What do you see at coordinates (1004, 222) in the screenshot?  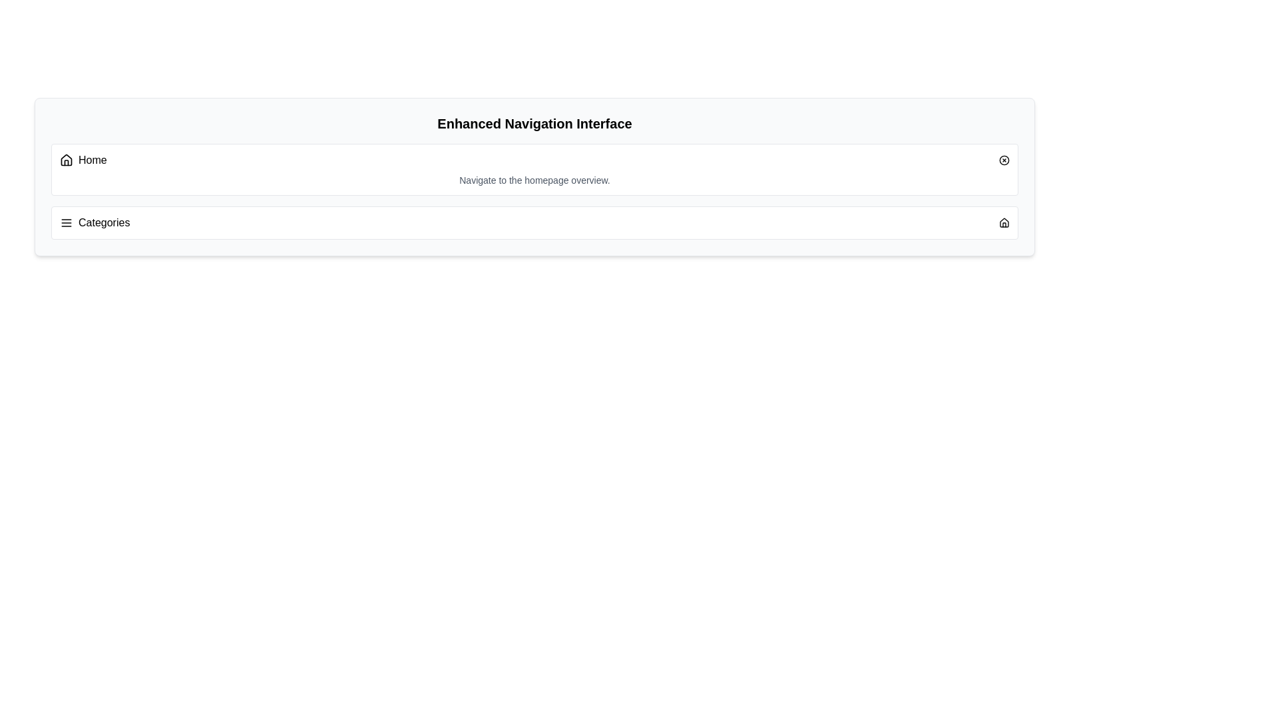 I see `the house icon, which is a solid black line illustration situated on the far right side of the 'Categories' section` at bounding box center [1004, 222].